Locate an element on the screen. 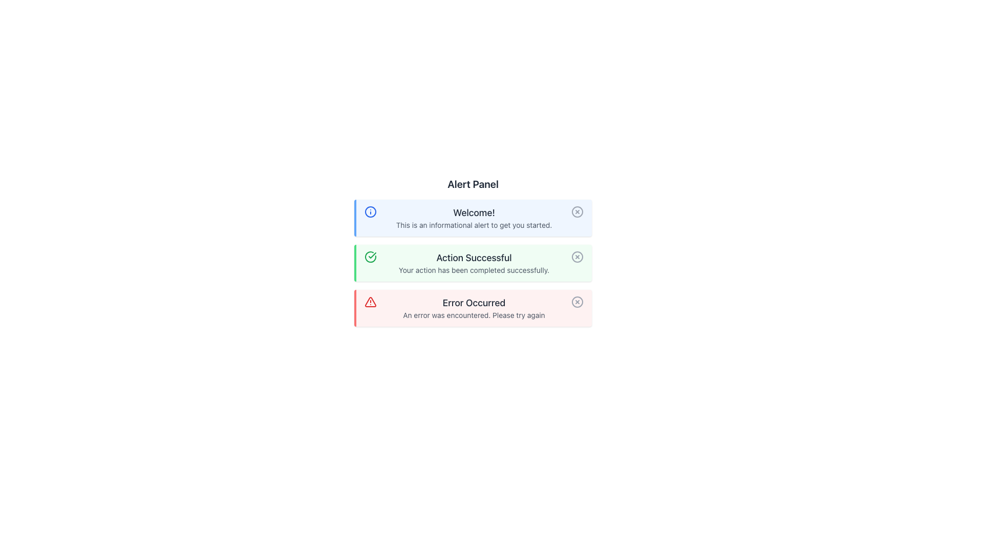 This screenshot has height=553, width=983. error message displayed as the second line of the error alert box located underneath the 'Error Occurred' title is located at coordinates (474, 315).